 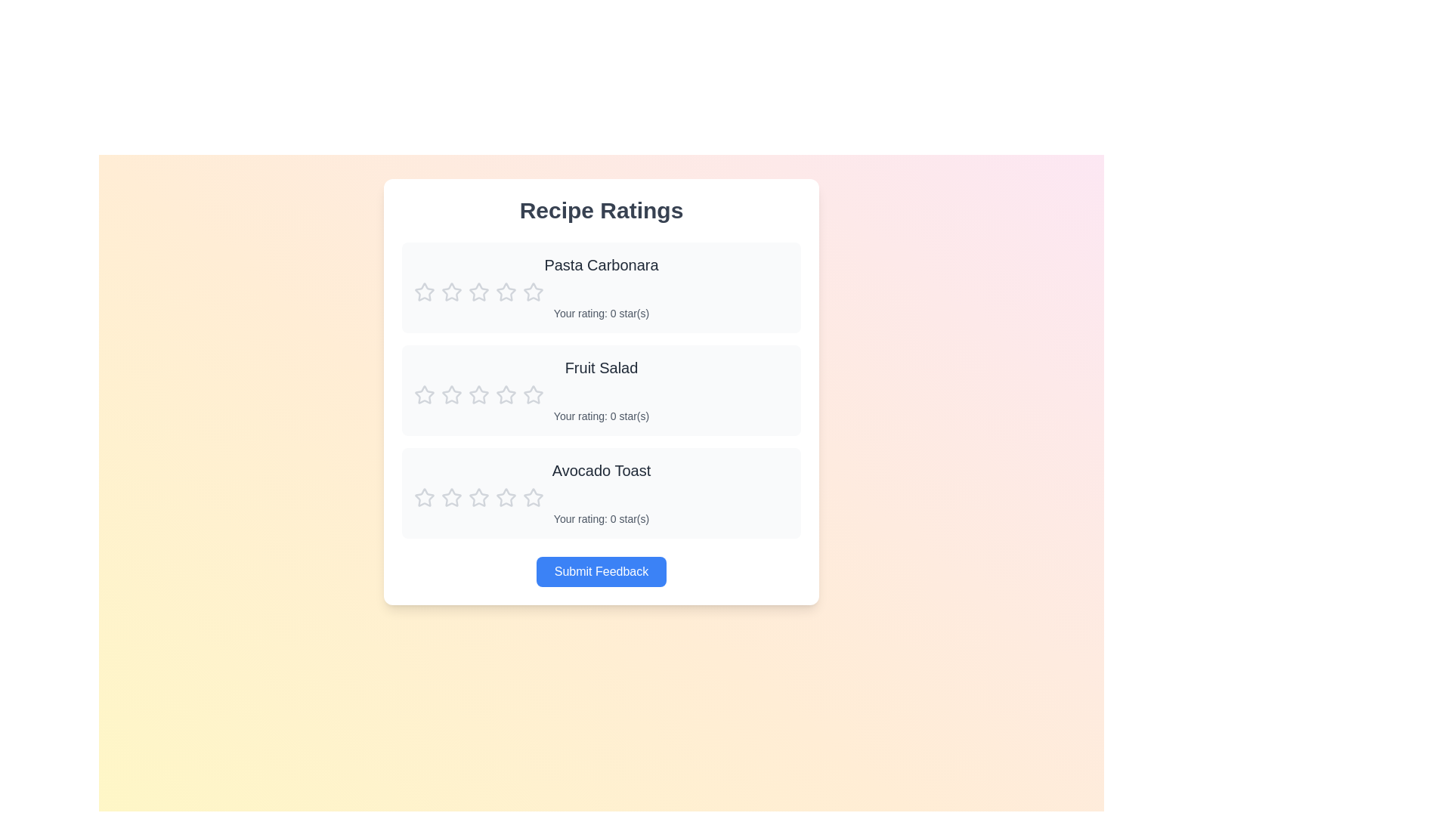 I want to click on the text label indicating the name of the recipe or item being rated, located in the first position of the list of recipe ratings, above the star icons and the caption 'Your rating: 0 star(s).', so click(x=601, y=264).